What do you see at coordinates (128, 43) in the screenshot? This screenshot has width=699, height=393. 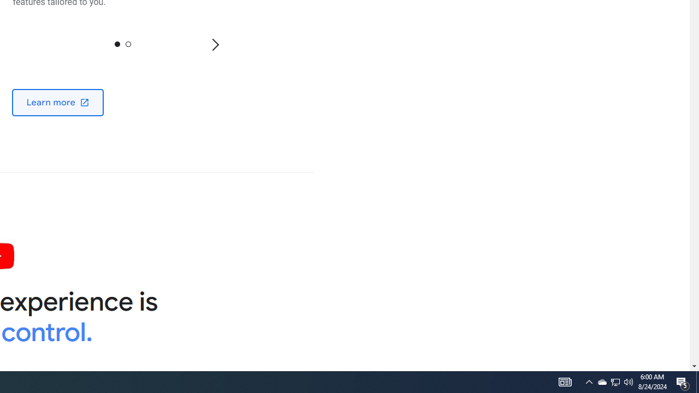 I see `'1'` at bounding box center [128, 43].